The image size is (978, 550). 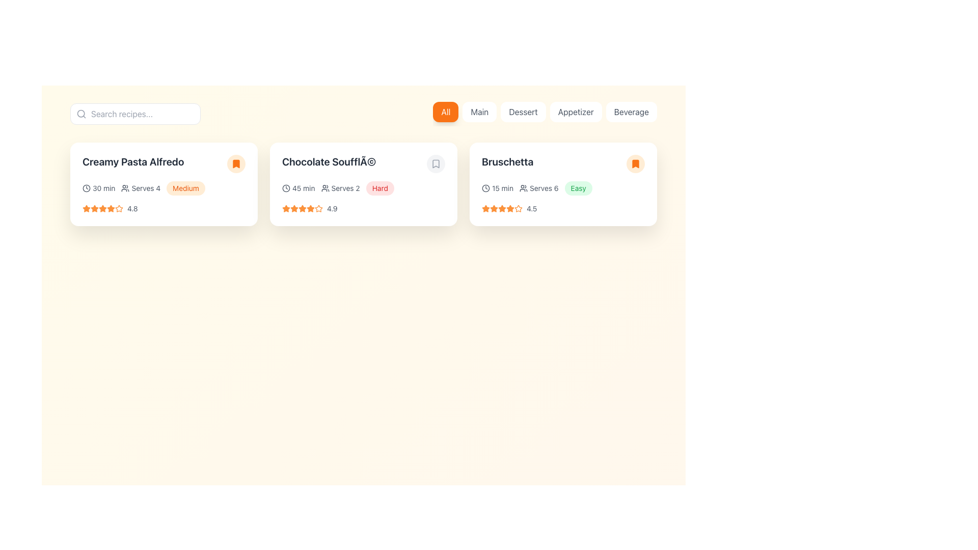 I want to click on the last star icon in the rating system below the 'Creamy Pasta Alfredo' card, so click(x=102, y=208).